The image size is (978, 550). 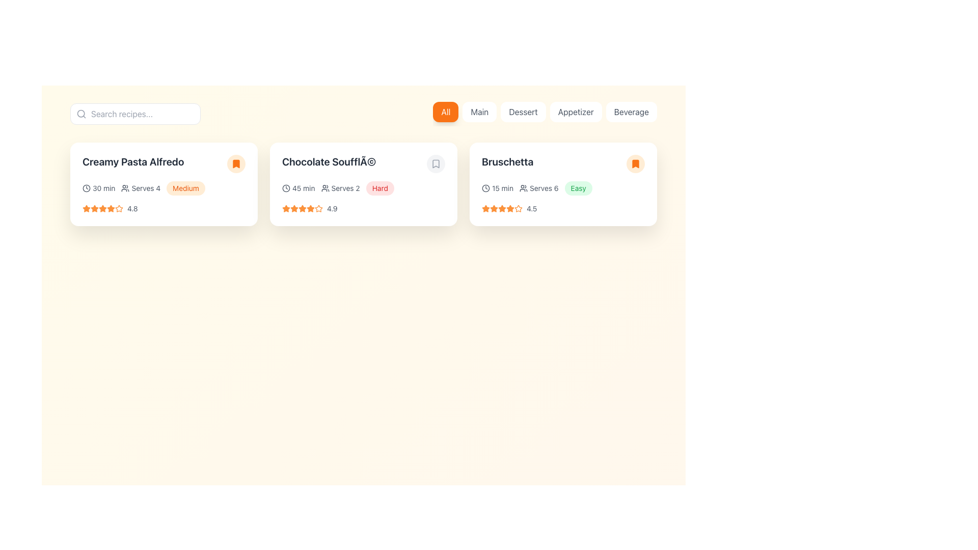 I want to click on the last star icon in the rating system below the 'Creamy Pasta Alfredo' card, so click(x=102, y=208).